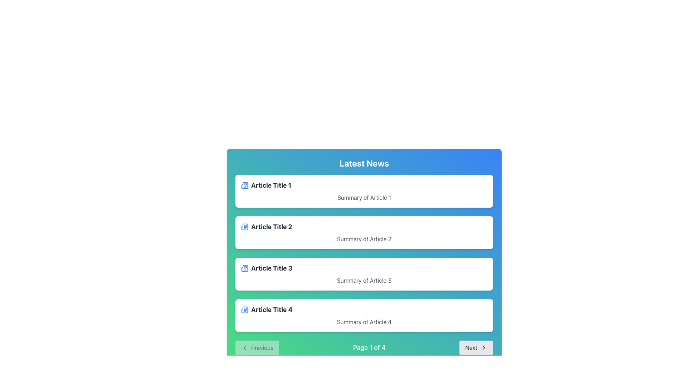 This screenshot has width=687, height=386. Describe the element at coordinates (245, 347) in the screenshot. I see `the left-pointing chevron arrow icon indicating a 'back' or 'previous' action located within the 'Previous' button group at the bottom-left corner of the interface` at that location.